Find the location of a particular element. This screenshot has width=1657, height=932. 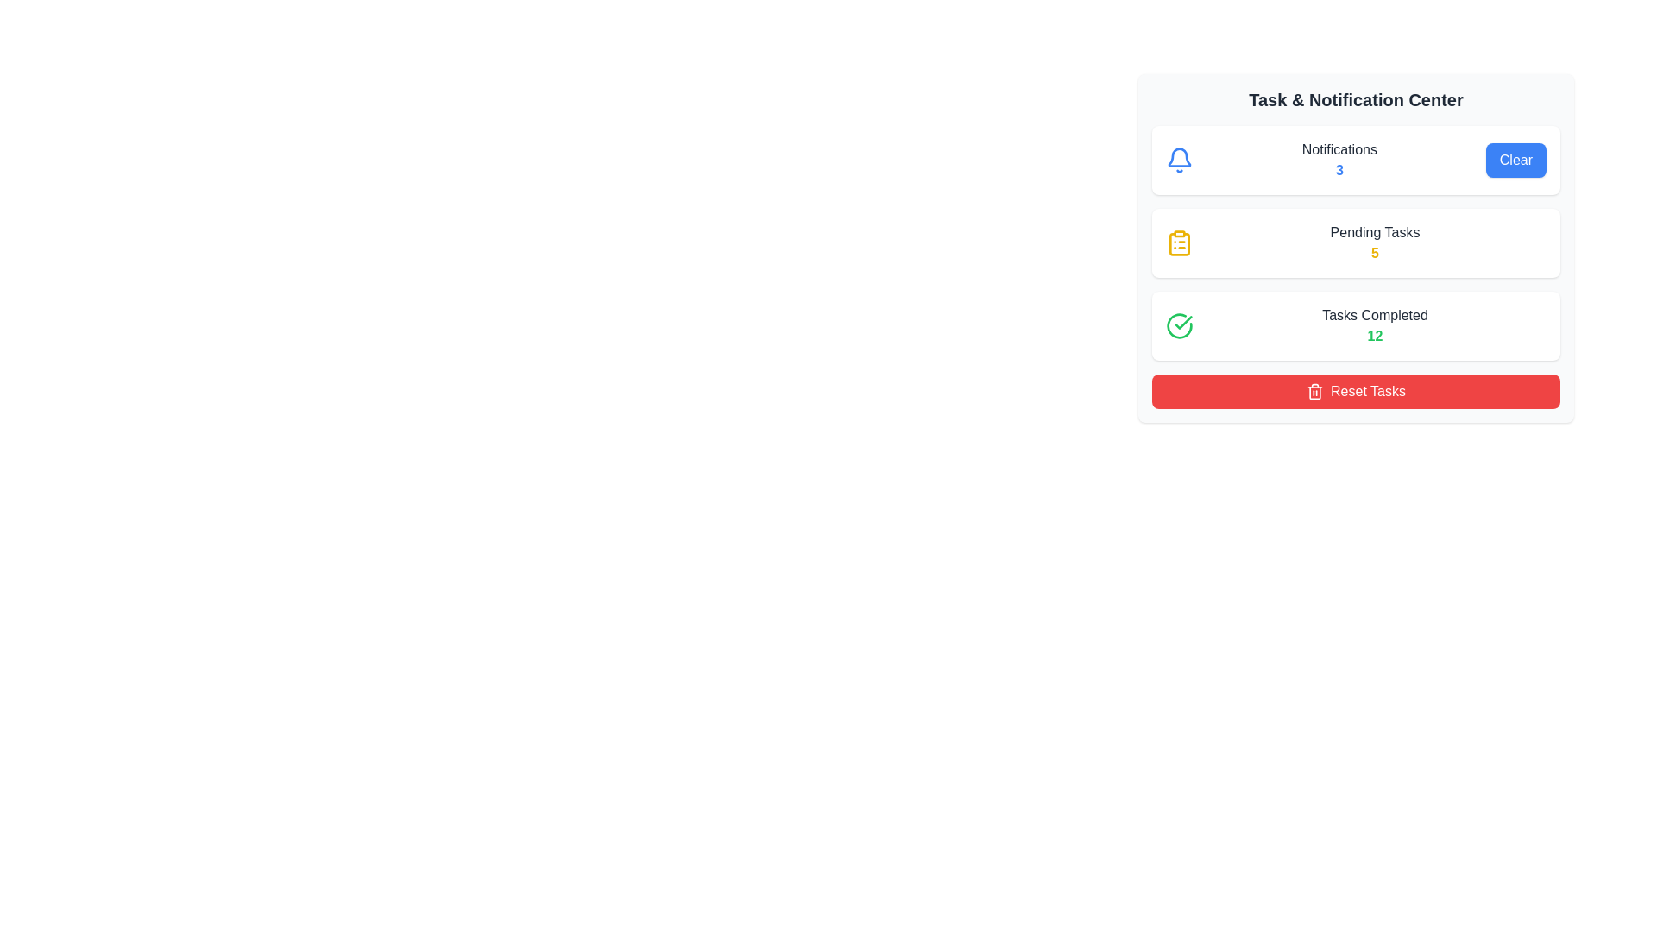

the 'Tasks Completed' text display, which shows a green bold number '12' beneath the label in a dark gray color, located in the lower part of the 'Task & Notification Center' card is located at coordinates (1374, 326).